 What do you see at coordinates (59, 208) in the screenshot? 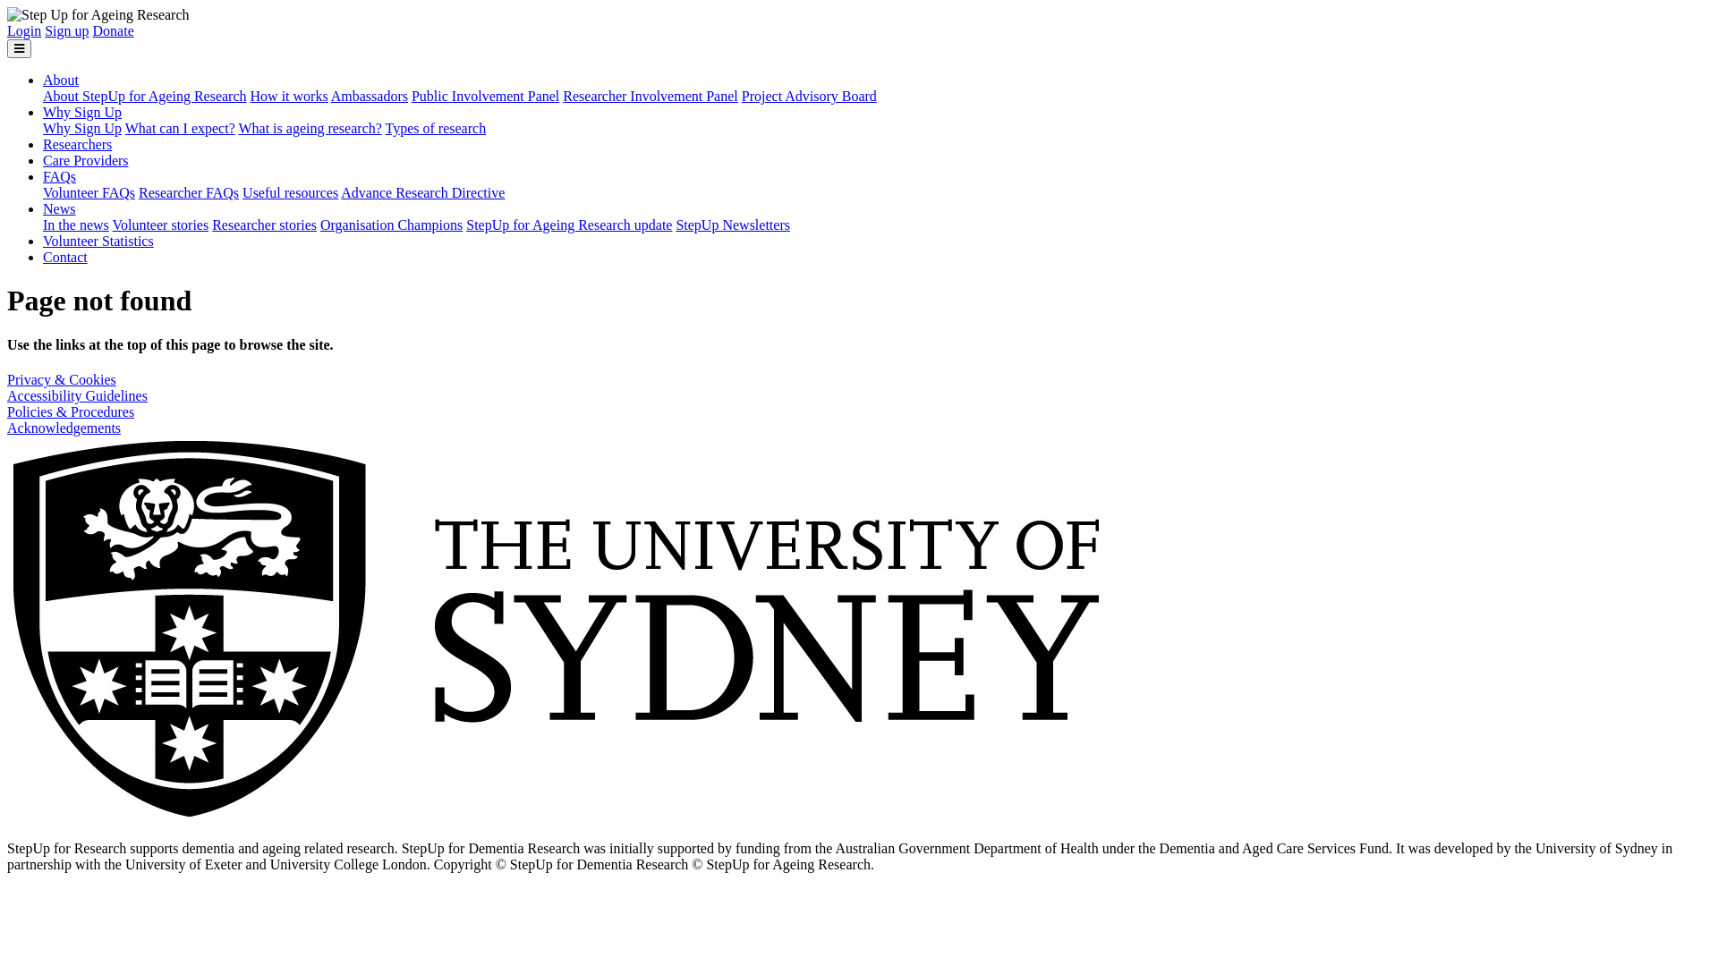
I see `'News'` at bounding box center [59, 208].